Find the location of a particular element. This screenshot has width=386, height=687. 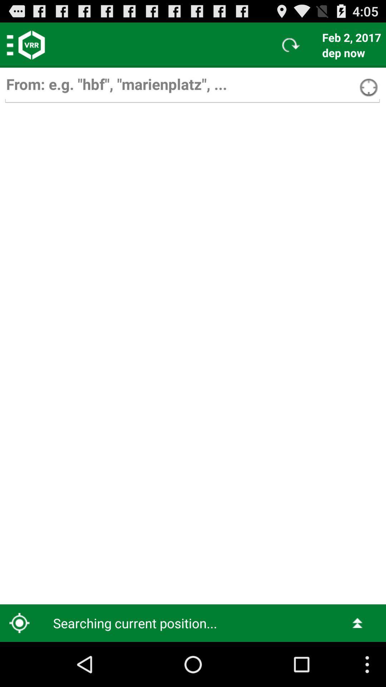

item next to feb 2, 2017 is located at coordinates (291, 44).